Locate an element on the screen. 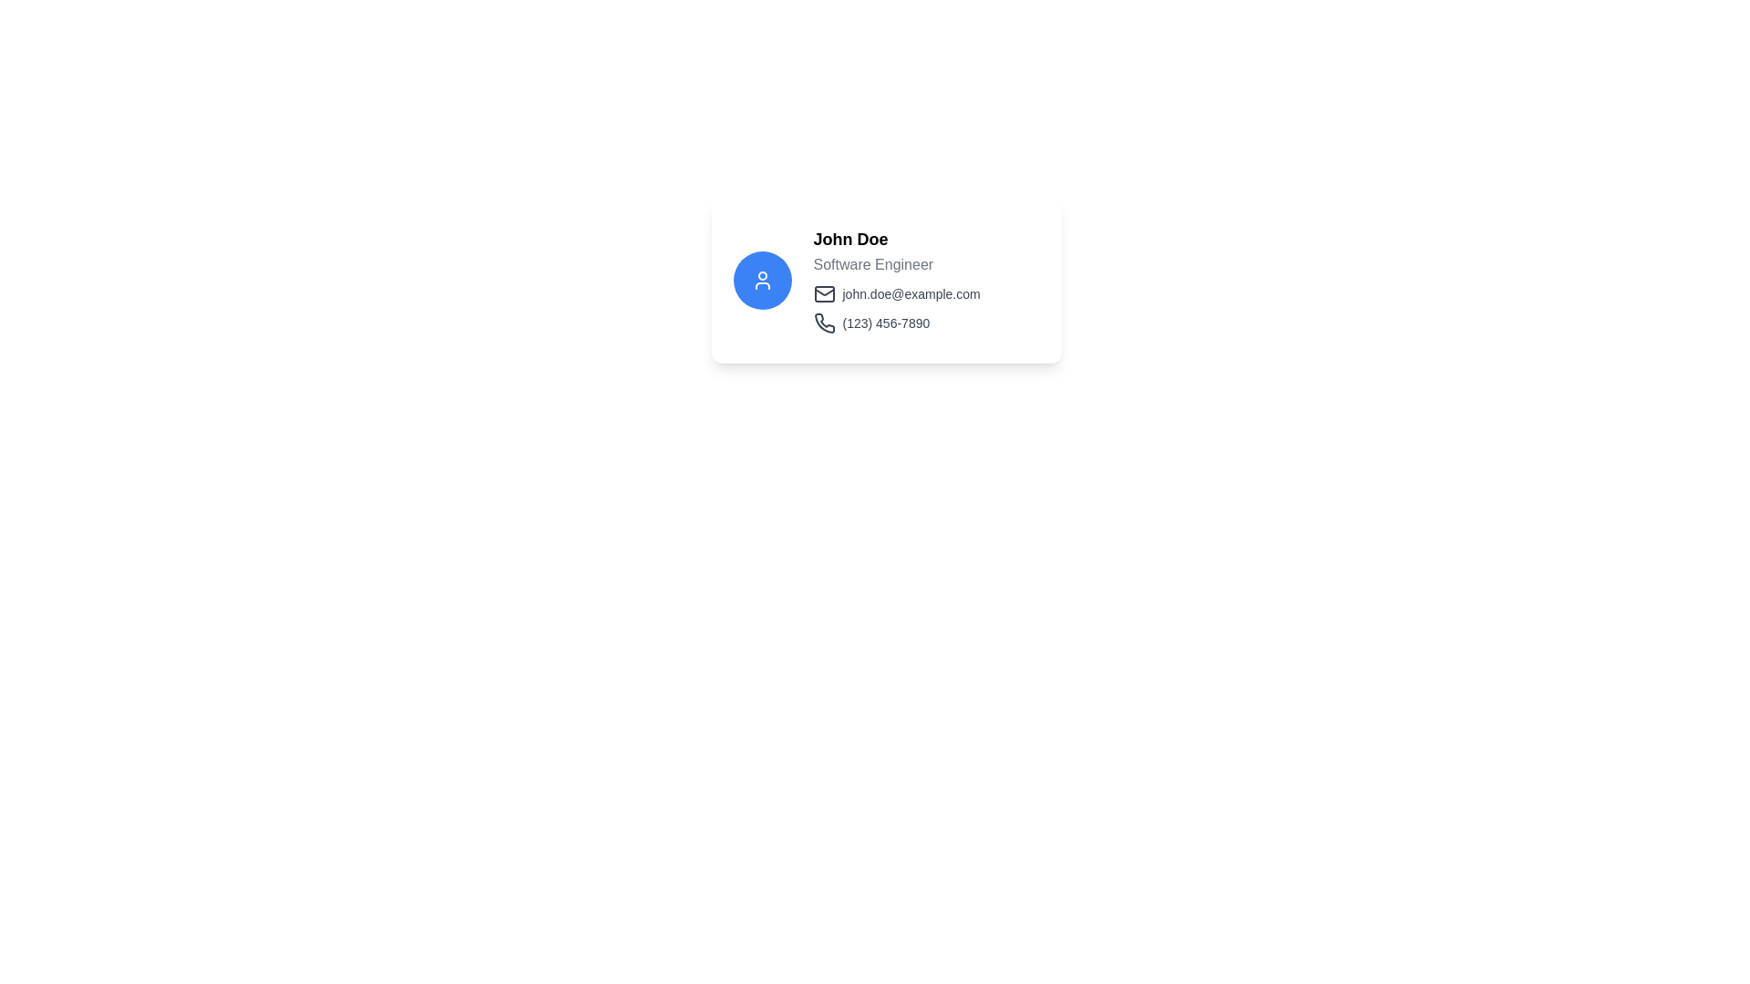  the user profile icon located at the center of the blue circular component on the left side of the card layout is located at coordinates (762, 281).